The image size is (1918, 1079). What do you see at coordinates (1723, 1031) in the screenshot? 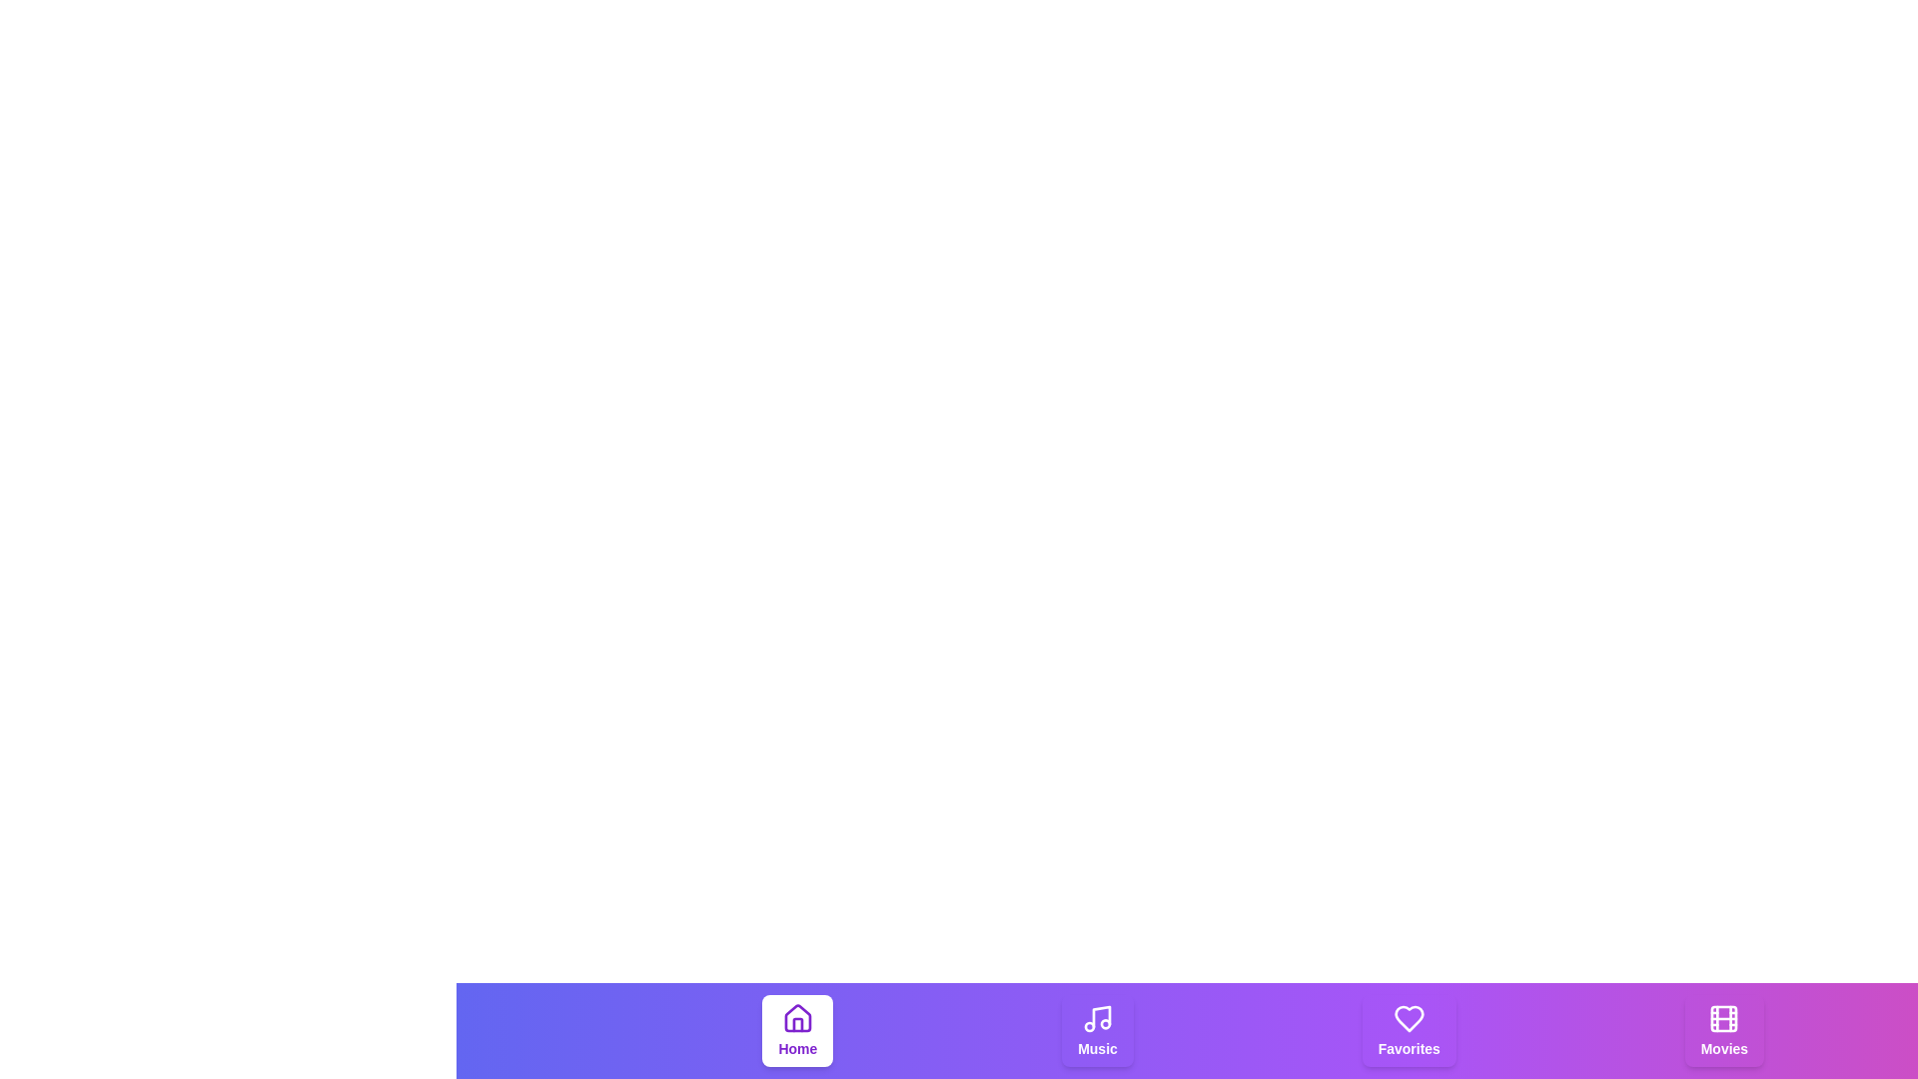
I see `the tab labeled Movies` at bounding box center [1723, 1031].